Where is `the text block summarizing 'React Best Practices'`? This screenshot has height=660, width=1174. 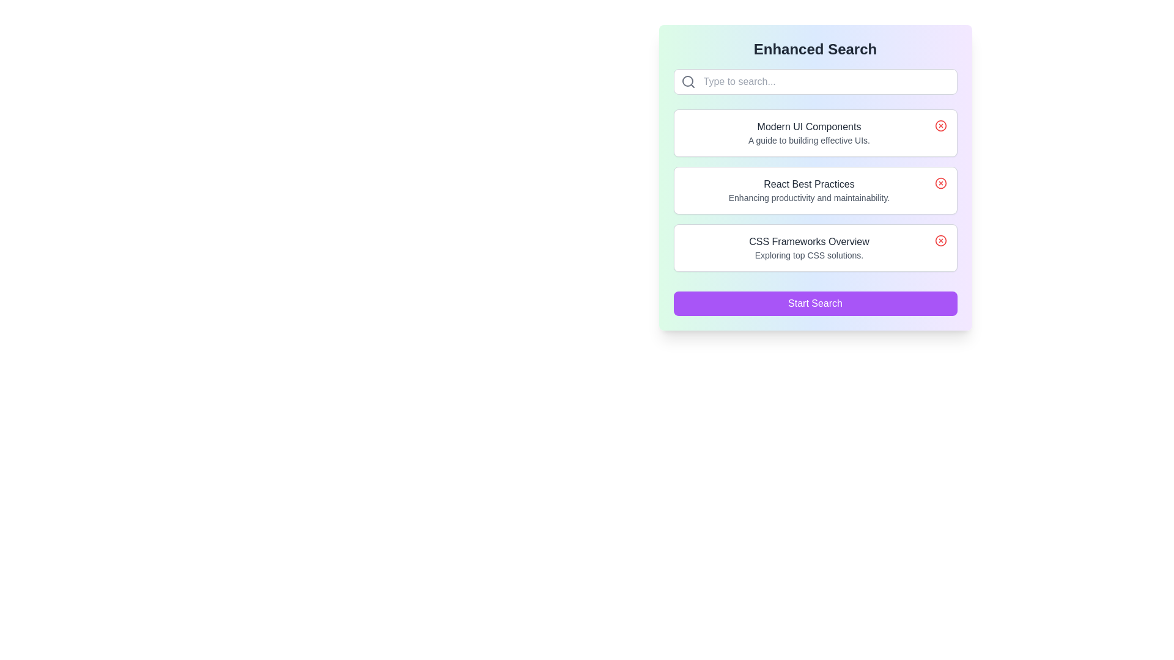 the text block summarizing 'React Best Practices' is located at coordinates (809, 191).